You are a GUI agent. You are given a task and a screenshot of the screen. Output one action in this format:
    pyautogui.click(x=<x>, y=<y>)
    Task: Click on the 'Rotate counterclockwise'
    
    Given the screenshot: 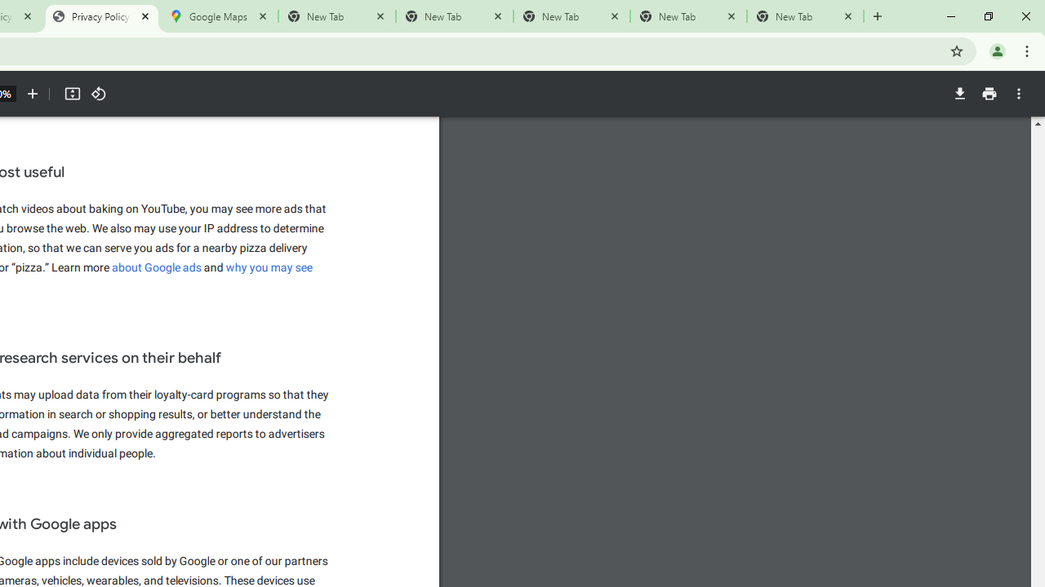 What is the action you would take?
    pyautogui.click(x=97, y=94)
    